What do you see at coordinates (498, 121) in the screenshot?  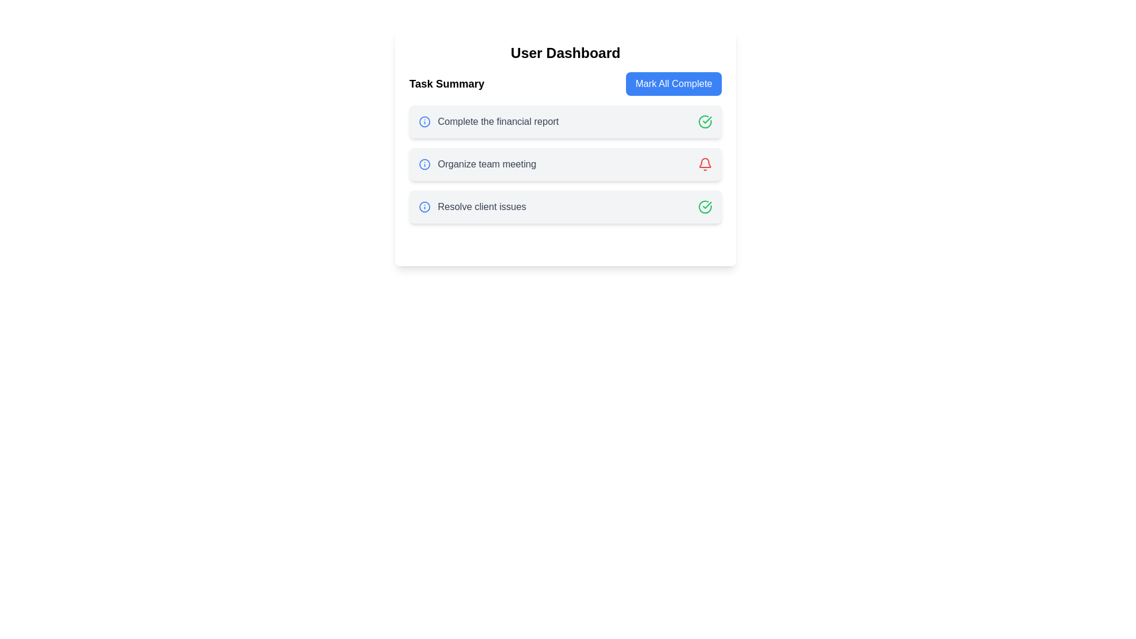 I see `the static text label indicating the name or description of a task in the 'Task Summary' section, located to the right of the blue circular information icon` at bounding box center [498, 121].